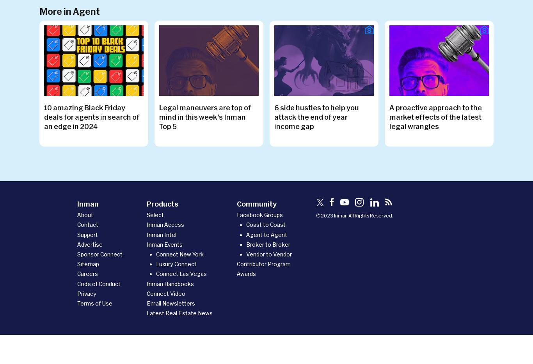 The height and width of the screenshot is (364, 533). What do you see at coordinates (179, 313) in the screenshot?
I see `'Latest Real Estate News'` at bounding box center [179, 313].